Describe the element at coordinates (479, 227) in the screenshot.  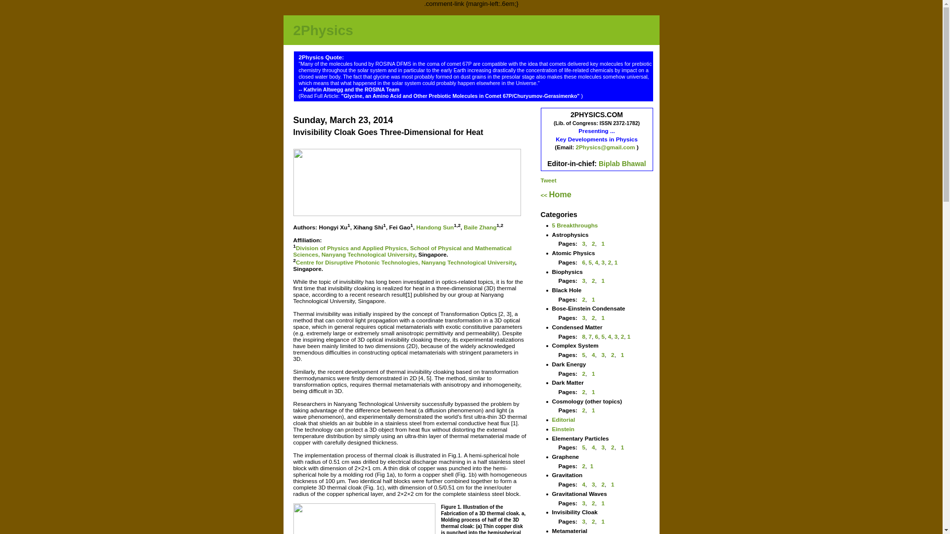
I see `'Baile Zhang'` at that location.